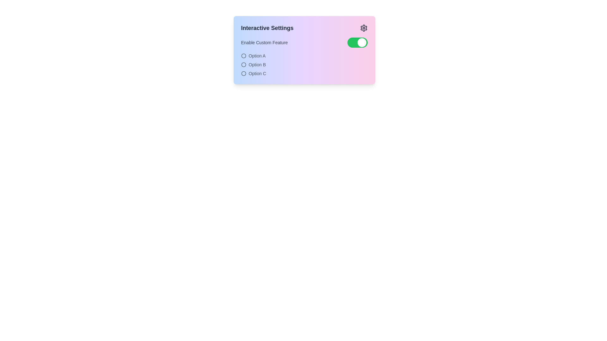 The width and height of the screenshot is (607, 341). What do you see at coordinates (243, 56) in the screenshot?
I see `the radio button for 'Option A', which is an outlined circle with a thin gray border` at bounding box center [243, 56].